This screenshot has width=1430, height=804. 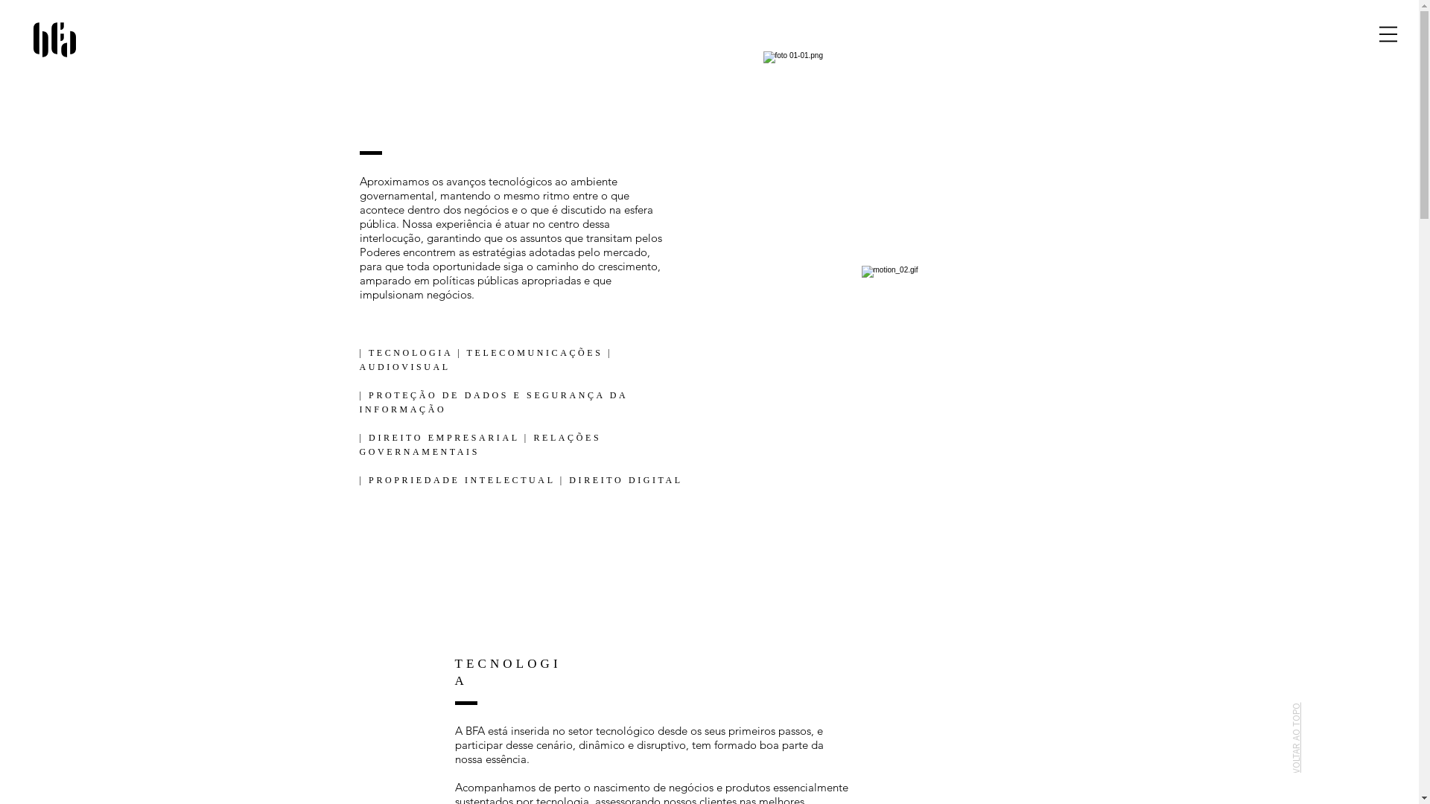 I want to click on 'AUDIOVISUAL', so click(x=404, y=367).